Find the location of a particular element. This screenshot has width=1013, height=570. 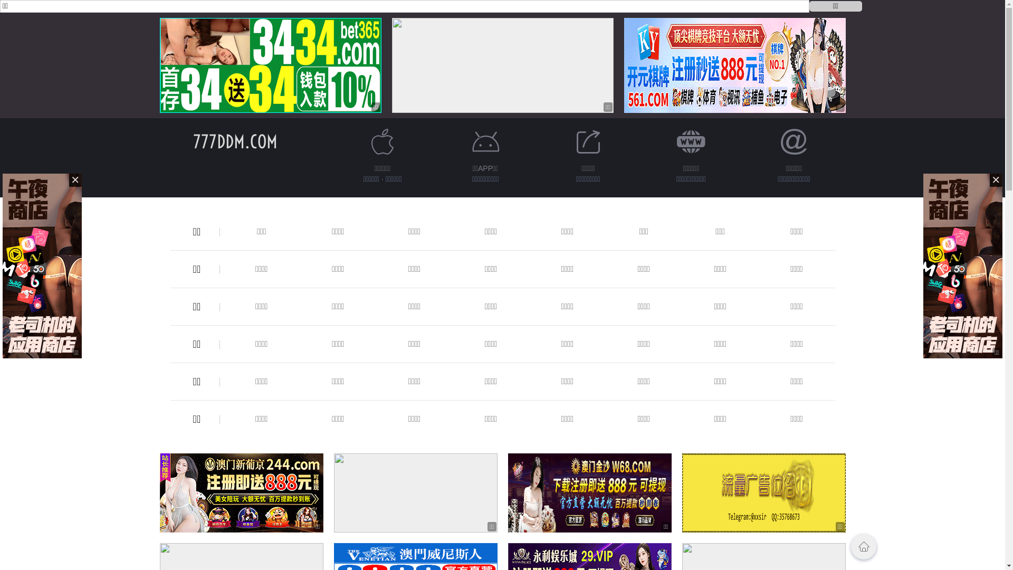

'777DDM.COM' is located at coordinates (235, 141).